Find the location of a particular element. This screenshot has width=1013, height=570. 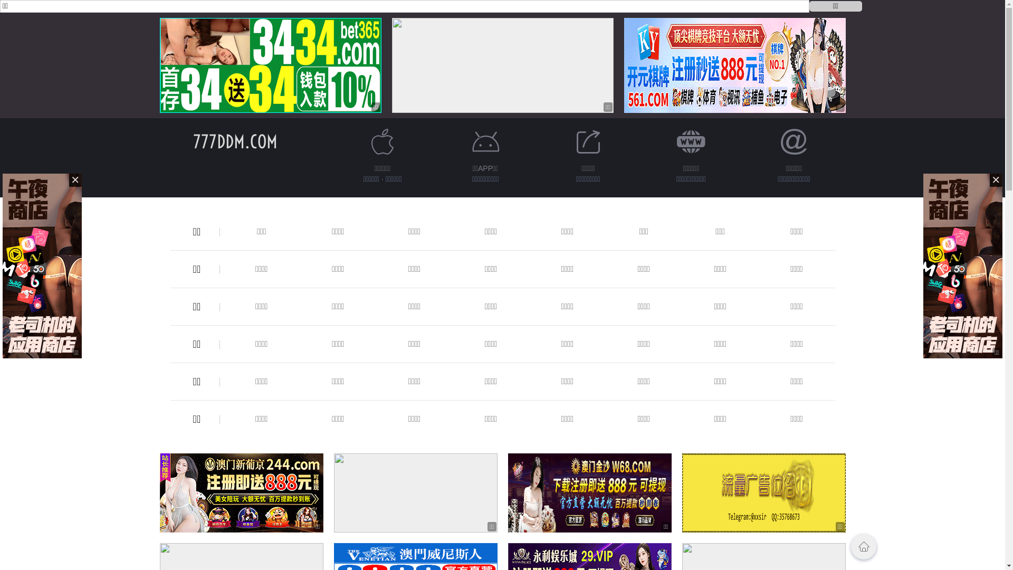

'777DDM.COM' is located at coordinates (235, 141).